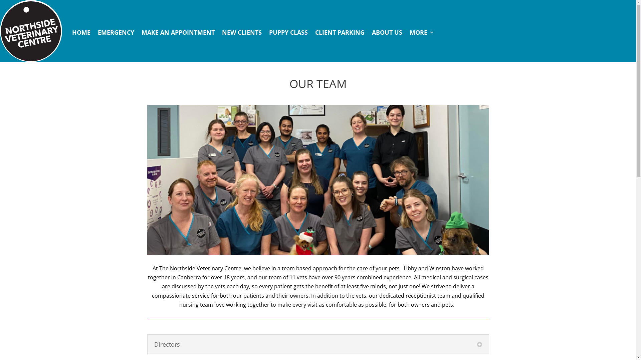 The height and width of the screenshot is (360, 641). Describe the element at coordinates (421, 32) in the screenshot. I see `'MORE'` at that location.